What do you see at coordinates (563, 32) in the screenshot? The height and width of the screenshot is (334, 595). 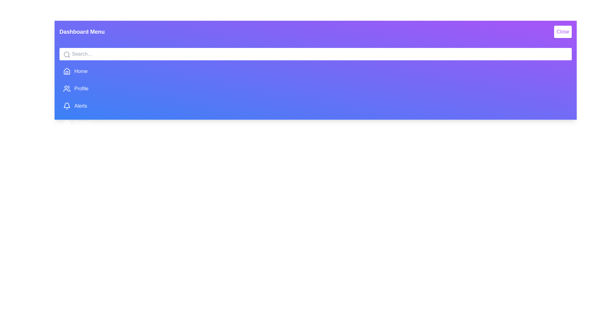 I see `the 'Close' button with a white background and purple text located at the top-right corner of the interface` at bounding box center [563, 32].